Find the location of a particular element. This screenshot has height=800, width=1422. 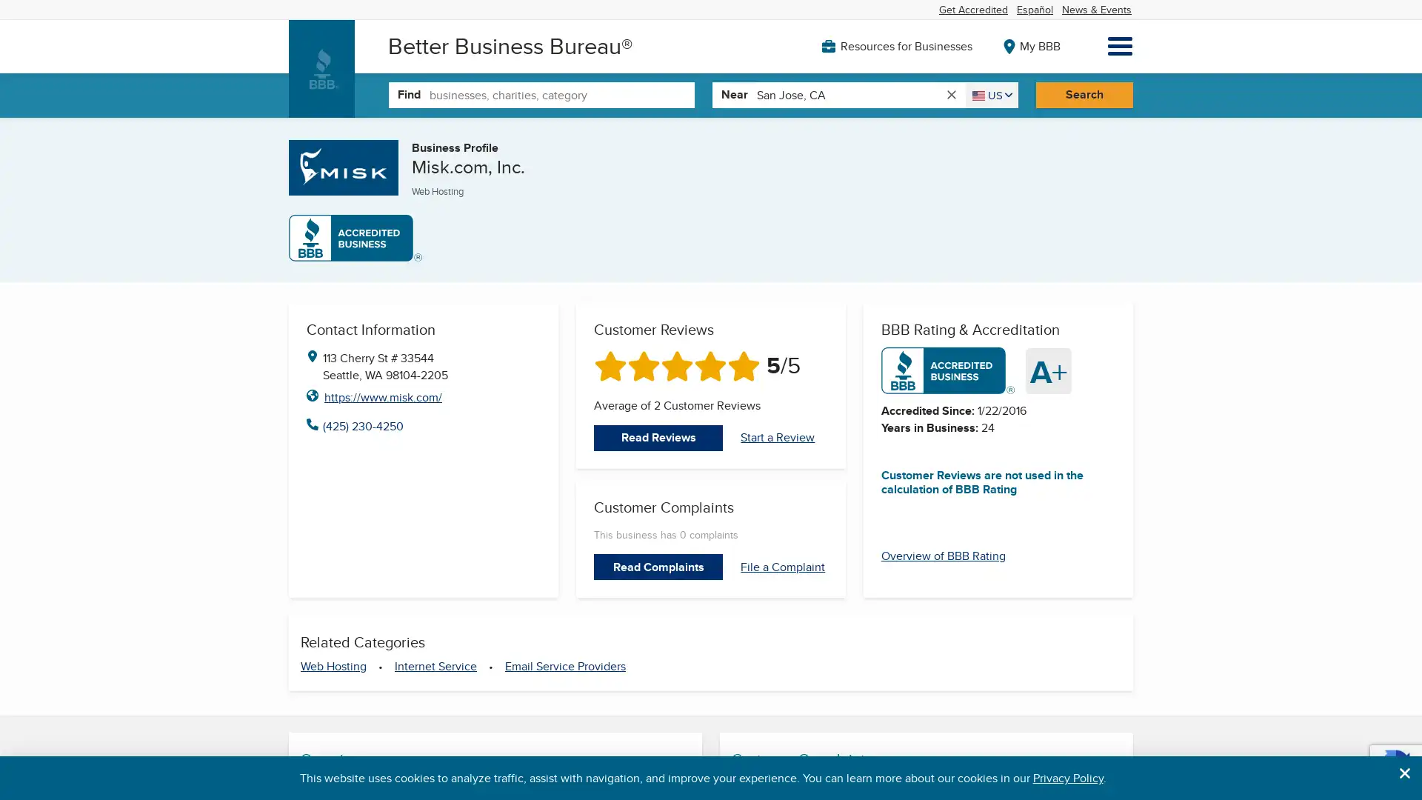

Search is located at coordinates (1084, 94).